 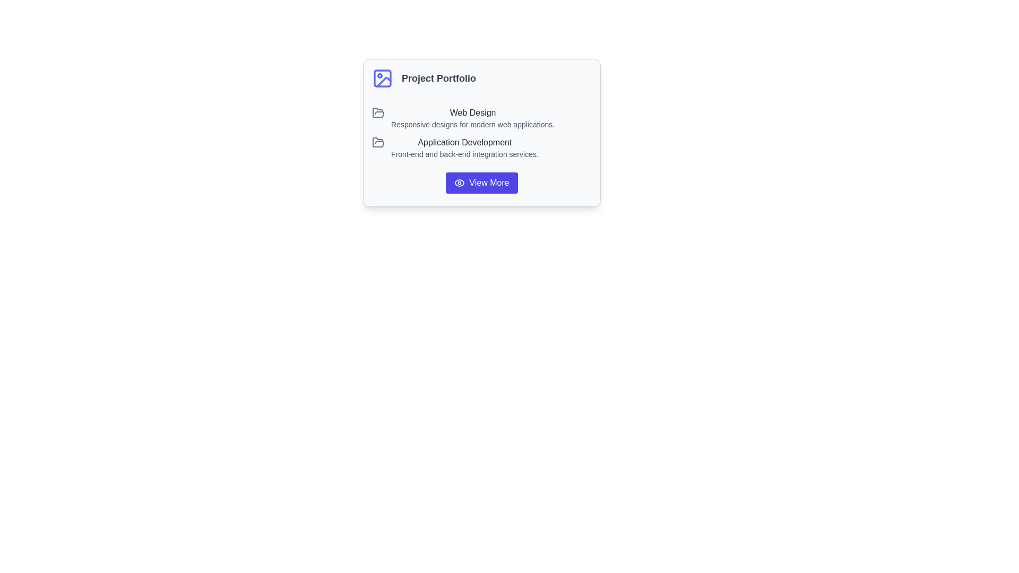 I want to click on the Text component providing details about 'Application Development', which is the second content group in a vertical list inside a card layout, so click(x=464, y=147).